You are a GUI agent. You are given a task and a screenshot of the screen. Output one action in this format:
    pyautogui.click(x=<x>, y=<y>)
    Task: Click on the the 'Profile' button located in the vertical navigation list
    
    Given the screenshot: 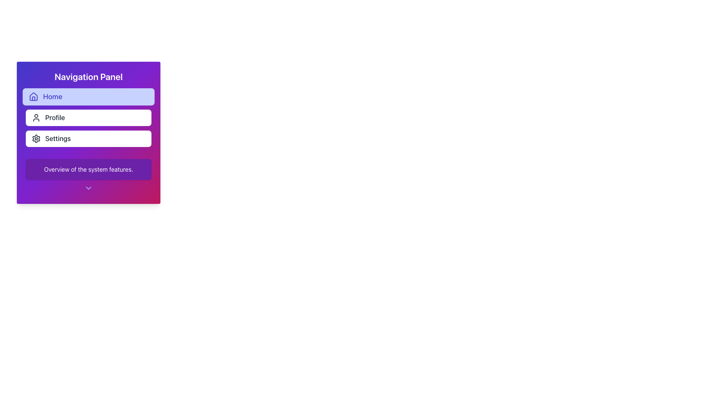 What is the action you would take?
    pyautogui.click(x=88, y=118)
    